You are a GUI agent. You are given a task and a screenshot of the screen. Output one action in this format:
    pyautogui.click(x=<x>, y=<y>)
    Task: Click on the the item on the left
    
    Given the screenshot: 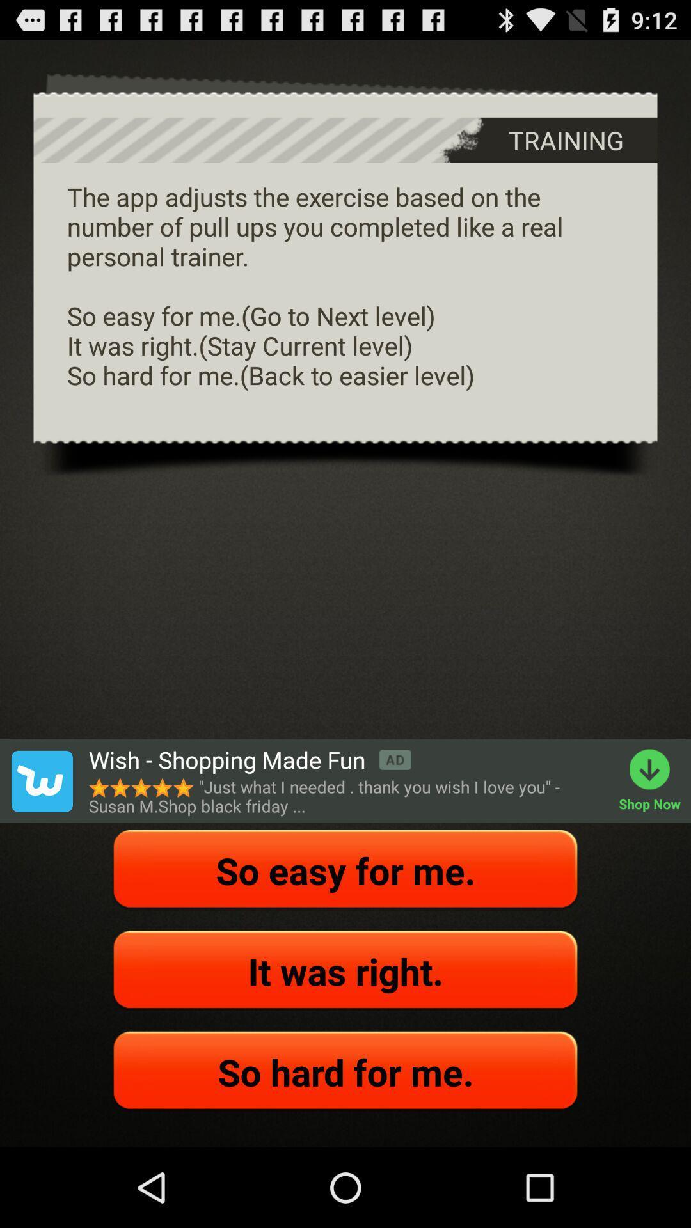 What is the action you would take?
    pyautogui.click(x=41, y=780)
    